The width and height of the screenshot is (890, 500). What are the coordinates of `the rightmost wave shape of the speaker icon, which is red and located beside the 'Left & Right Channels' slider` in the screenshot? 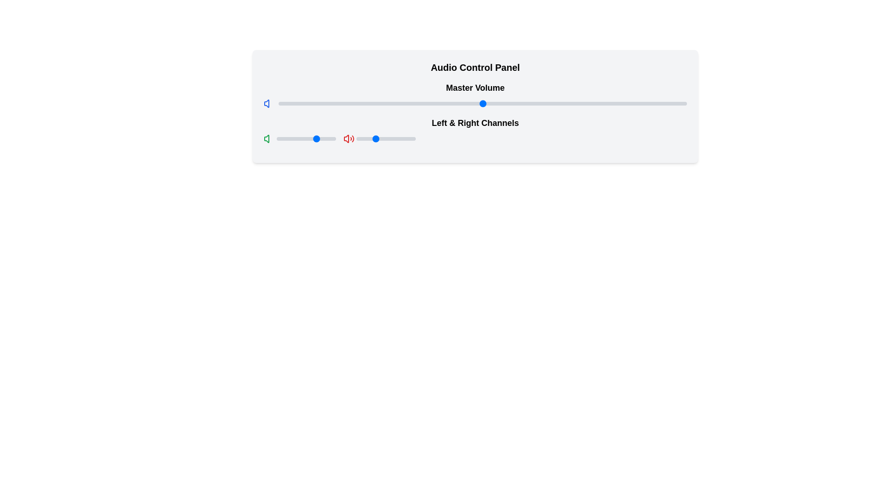 It's located at (352, 139).